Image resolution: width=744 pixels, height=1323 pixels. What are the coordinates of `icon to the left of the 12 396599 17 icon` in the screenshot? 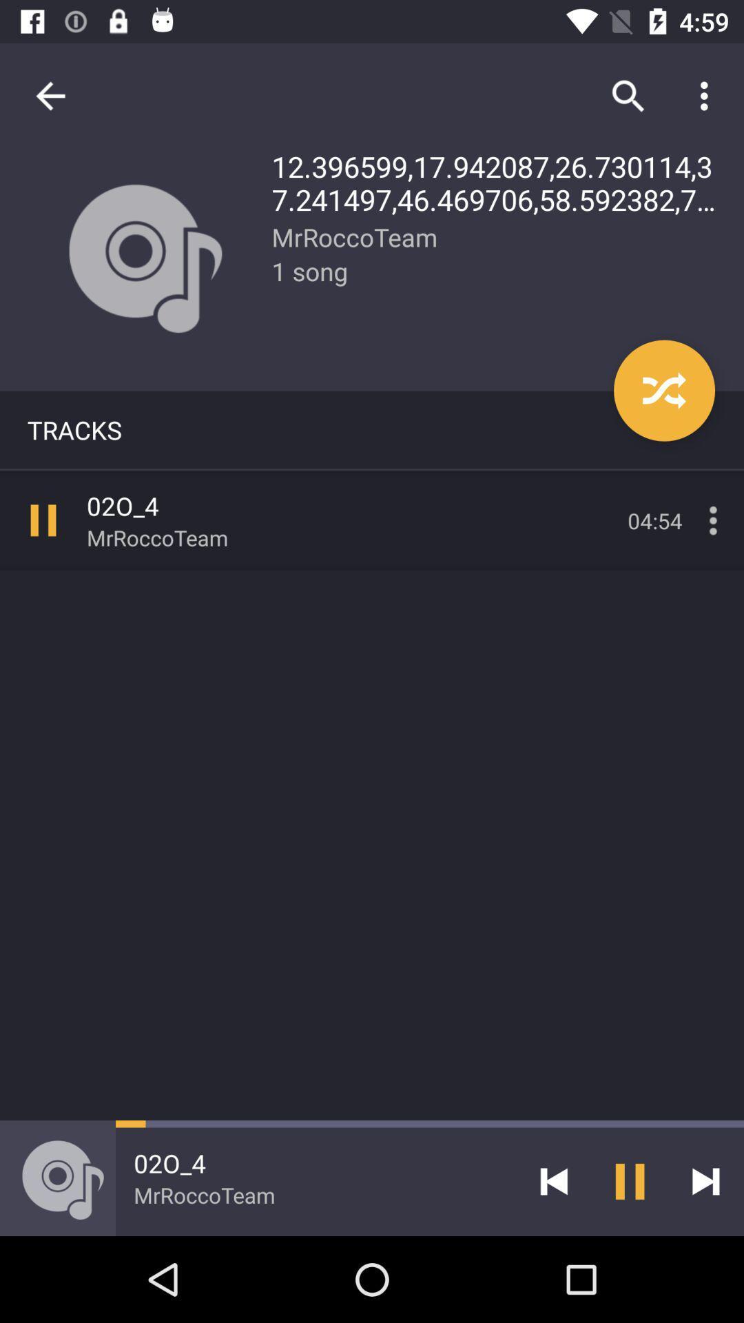 It's located at (50, 95).